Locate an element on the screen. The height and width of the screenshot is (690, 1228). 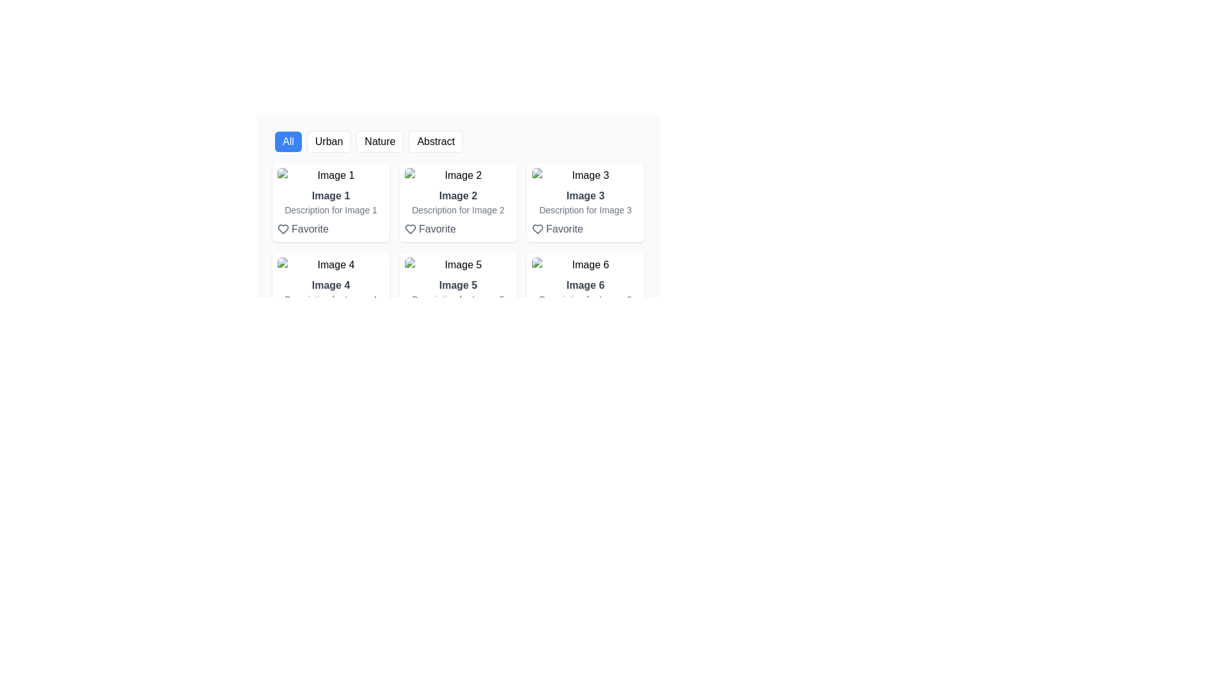
the text label that reads 'Description for Image 5', which is positioned below the 'Image 5' title label is located at coordinates (458, 300).